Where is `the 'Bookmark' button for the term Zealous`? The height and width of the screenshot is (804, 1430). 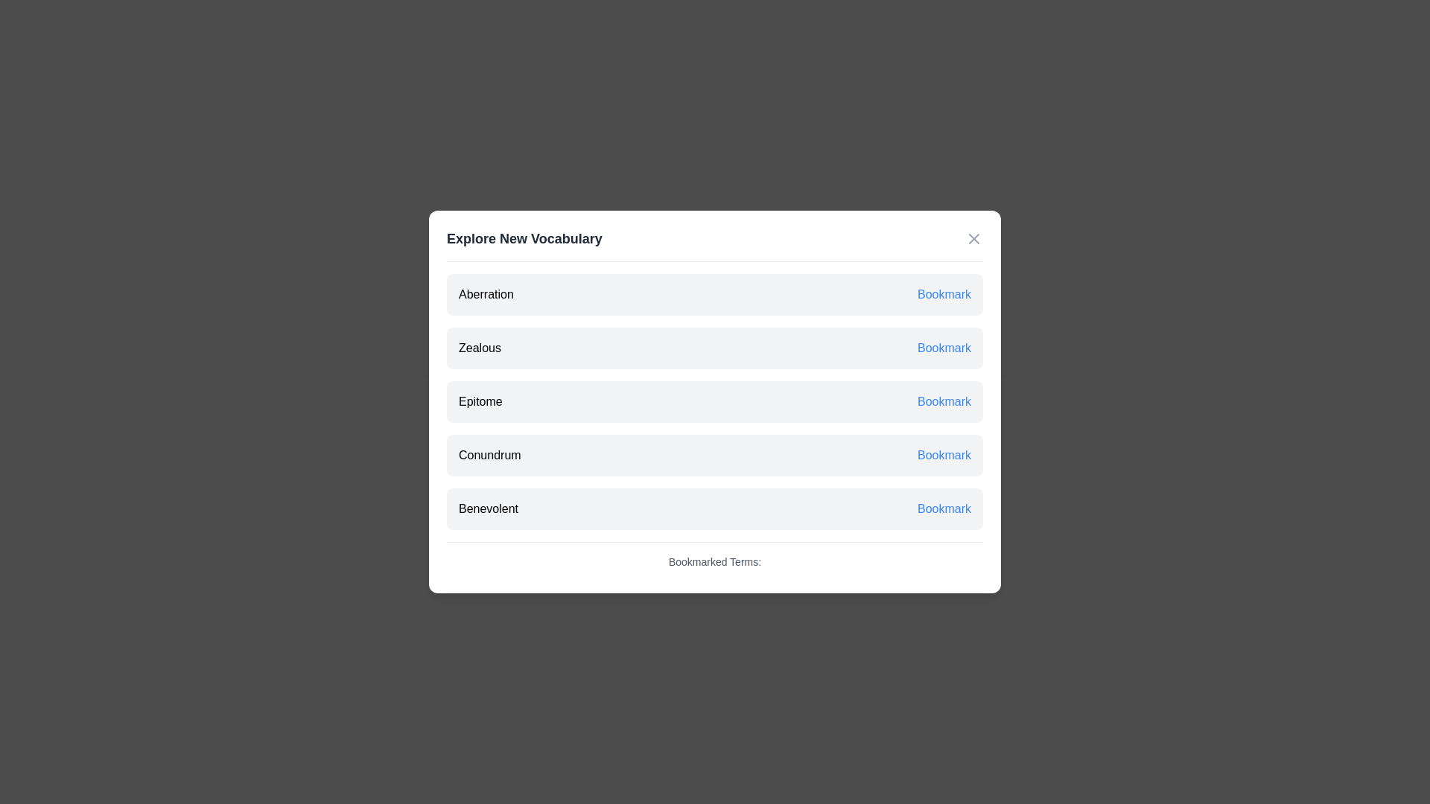
the 'Bookmark' button for the term Zealous is located at coordinates (943, 348).